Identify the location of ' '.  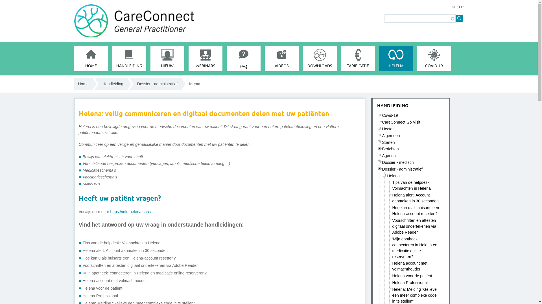
(379, 135).